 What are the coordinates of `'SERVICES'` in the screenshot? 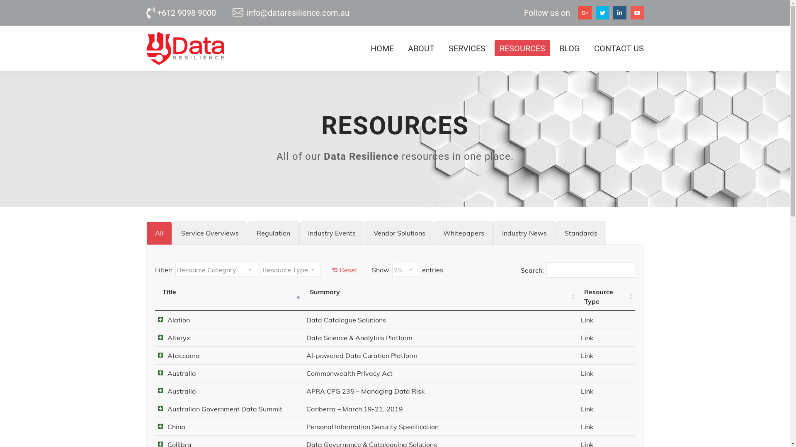 It's located at (467, 48).